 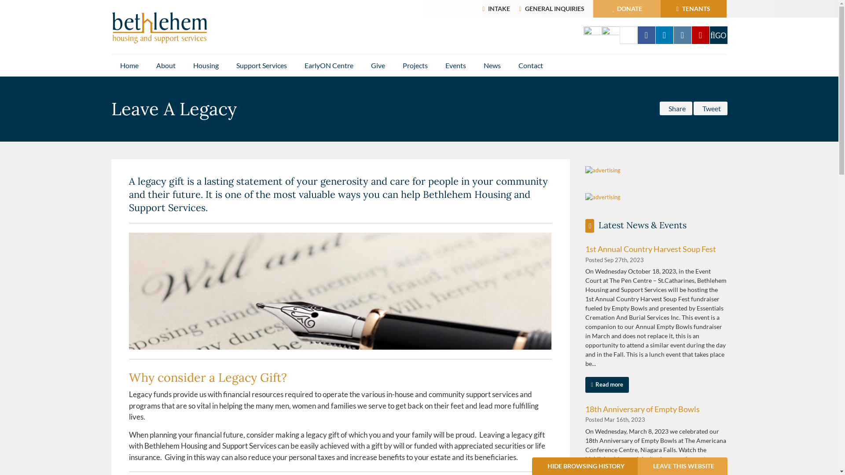 I want to click on 'About', so click(x=165, y=65).